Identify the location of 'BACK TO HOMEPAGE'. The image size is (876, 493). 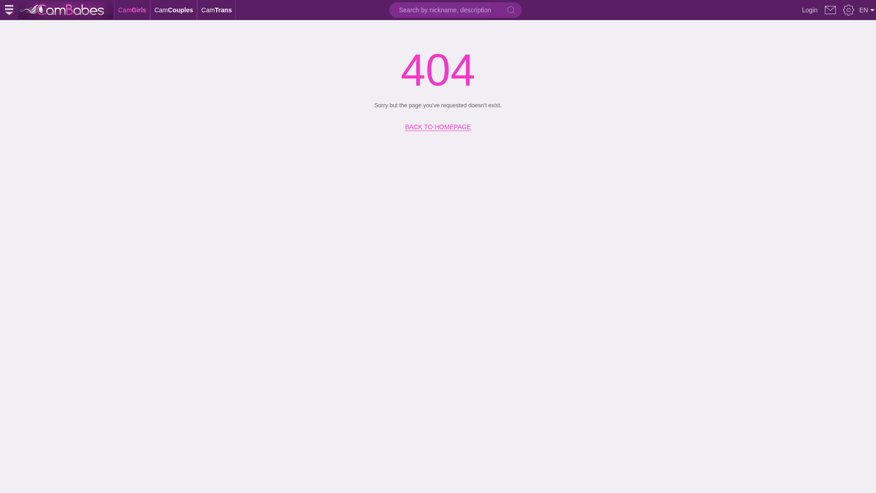
(438, 123).